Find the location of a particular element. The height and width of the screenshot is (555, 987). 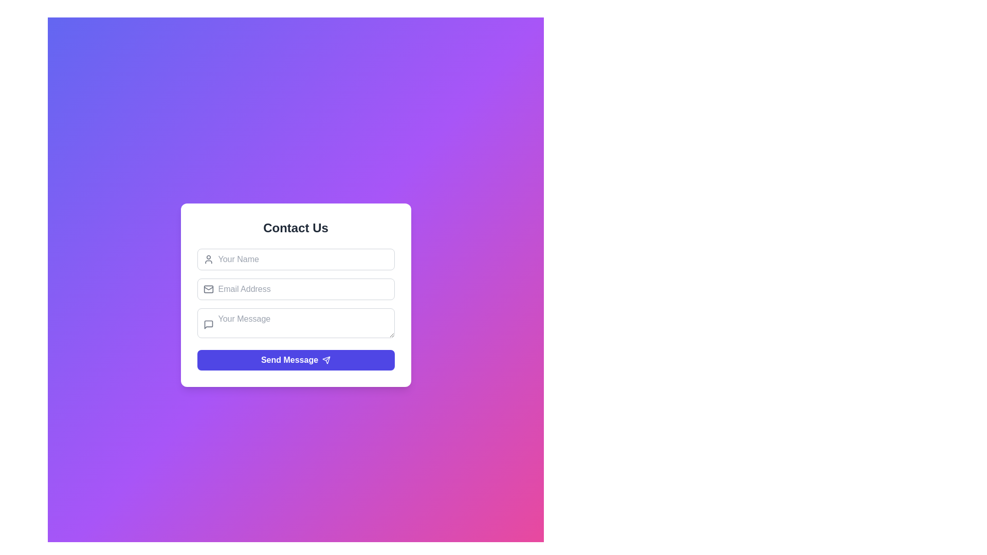

inside the email input field located in the 'Contact Us' form to focus on it, which is the second input field below 'Your Name' and above 'Your Message' is located at coordinates (295, 289).